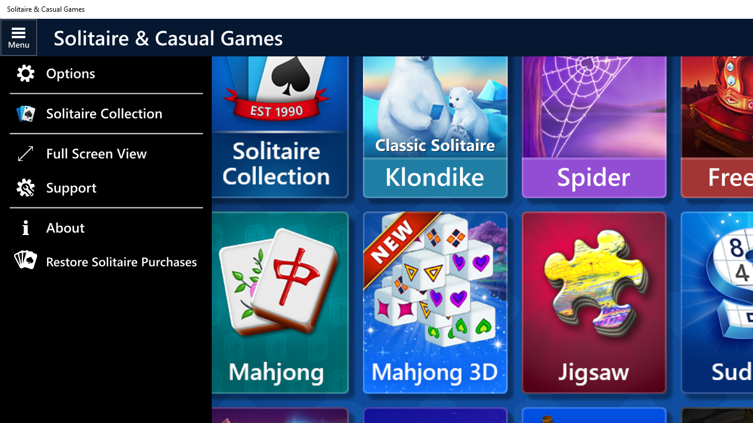 The height and width of the screenshot is (423, 753). I want to click on 'Classic Solitaire, Klondike', so click(434, 107).